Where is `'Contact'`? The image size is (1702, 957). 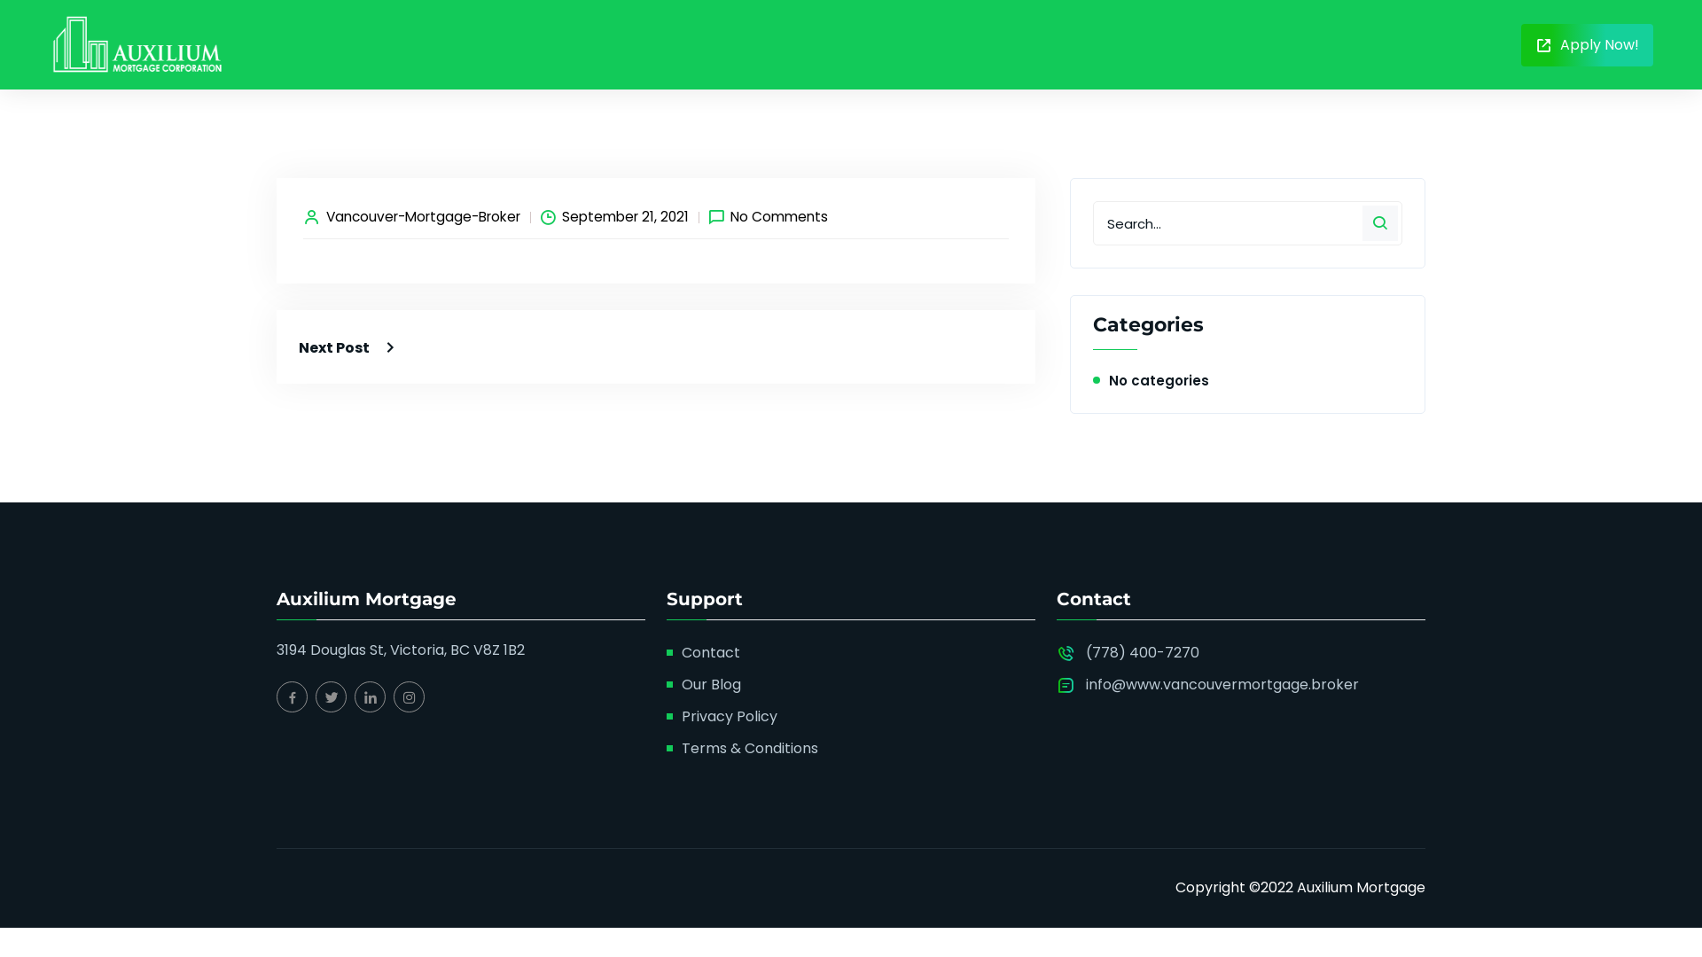 'Contact' is located at coordinates (710, 652).